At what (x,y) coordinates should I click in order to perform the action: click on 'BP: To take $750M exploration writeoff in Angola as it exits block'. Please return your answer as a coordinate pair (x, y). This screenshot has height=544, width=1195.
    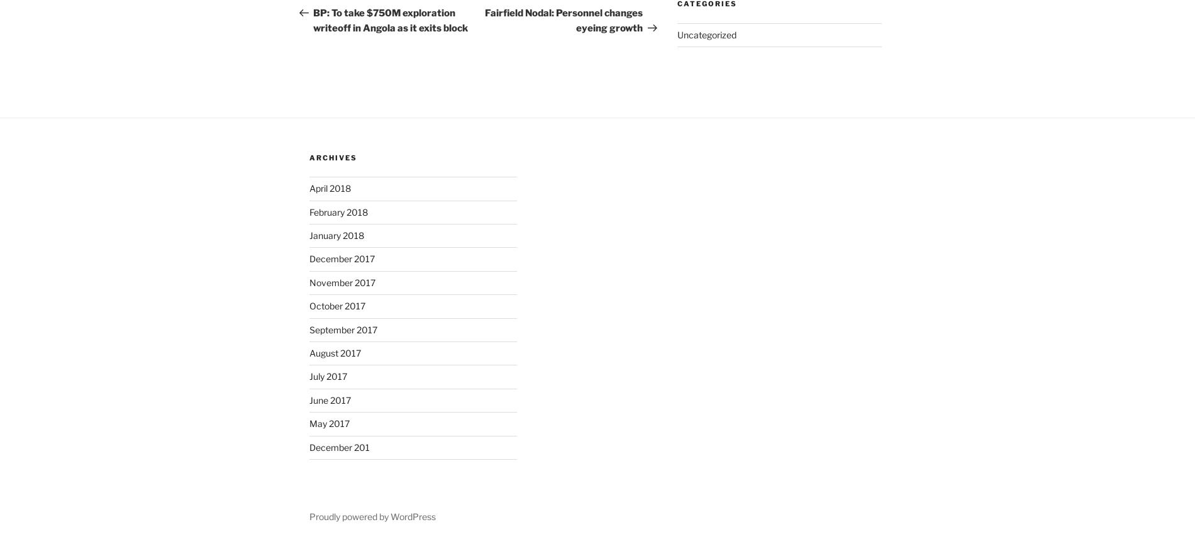
    Looking at the image, I should click on (390, 21).